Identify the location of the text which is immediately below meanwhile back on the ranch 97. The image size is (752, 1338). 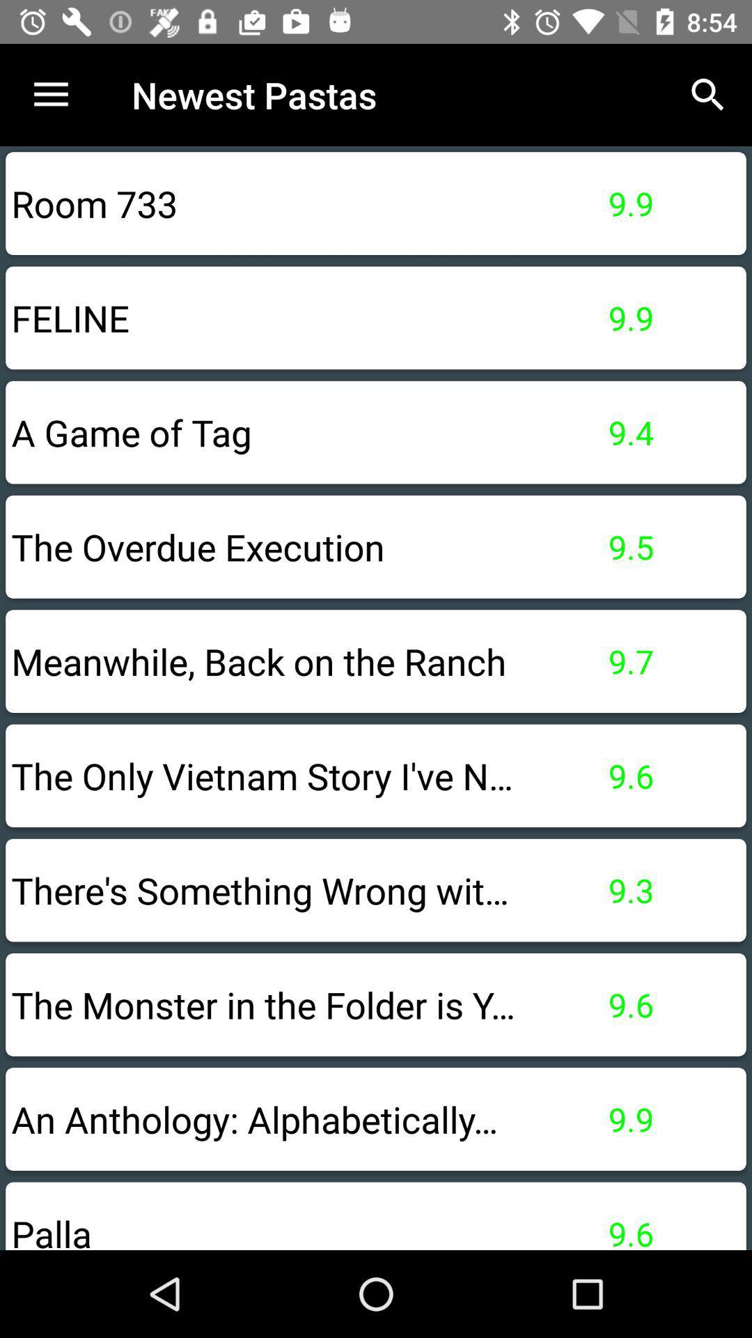
(376, 775).